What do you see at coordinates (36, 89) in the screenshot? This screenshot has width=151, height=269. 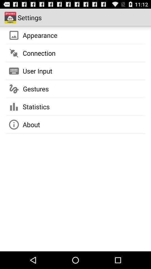 I see `the item below user input item` at bounding box center [36, 89].